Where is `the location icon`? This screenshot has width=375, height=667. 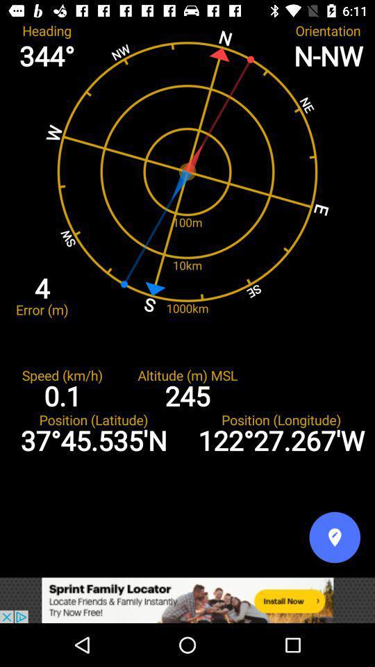
the location icon is located at coordinates (334, 536).